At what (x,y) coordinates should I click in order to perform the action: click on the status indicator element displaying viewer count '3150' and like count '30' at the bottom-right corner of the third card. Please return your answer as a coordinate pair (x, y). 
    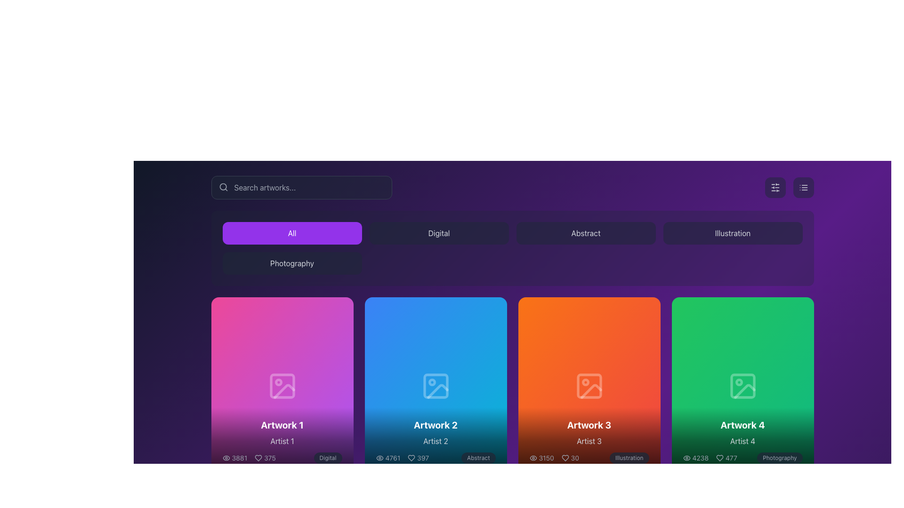
    Looking at the image, I should click on (554, 457).